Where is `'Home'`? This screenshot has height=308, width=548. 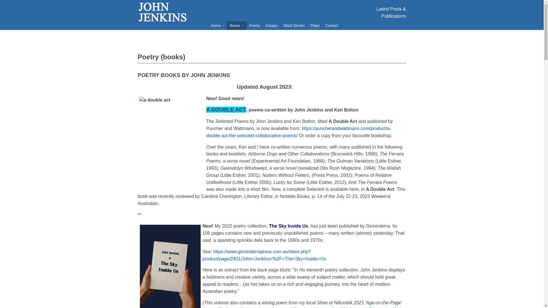 'Home' is located at coordinates (217, 25).